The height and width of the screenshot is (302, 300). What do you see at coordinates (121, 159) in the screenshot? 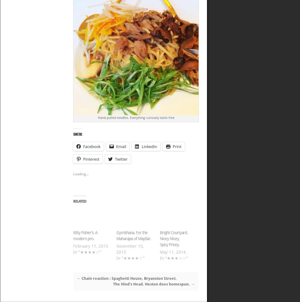
I see `'Twitter'` at bounding box center [121, 159].